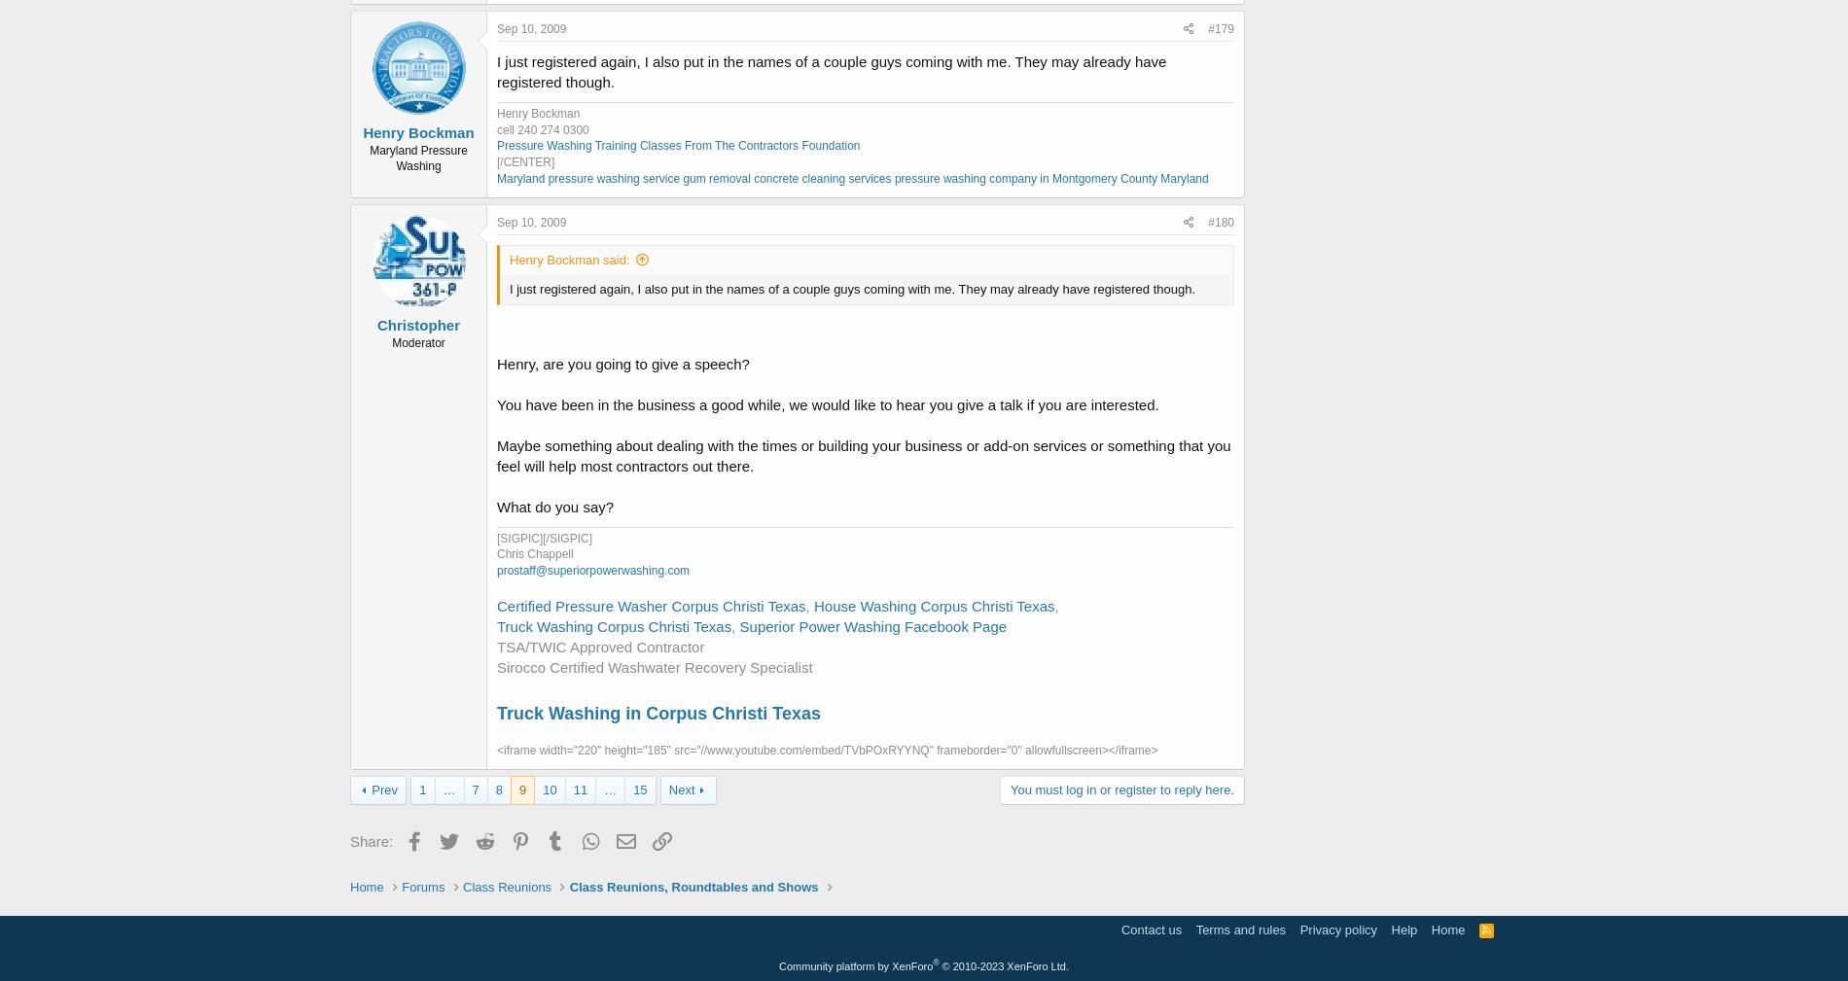  Describe the element at coordinates (1220, 221) in the screenshot. I see `'#180'` at that location.